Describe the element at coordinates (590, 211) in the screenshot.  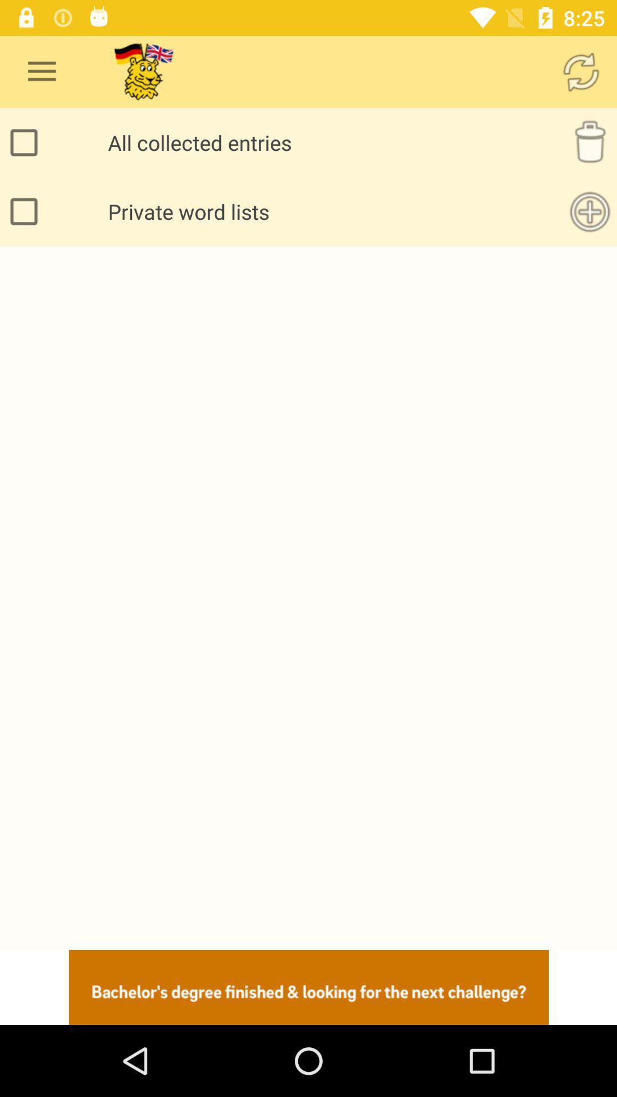
I see `word` at that location.